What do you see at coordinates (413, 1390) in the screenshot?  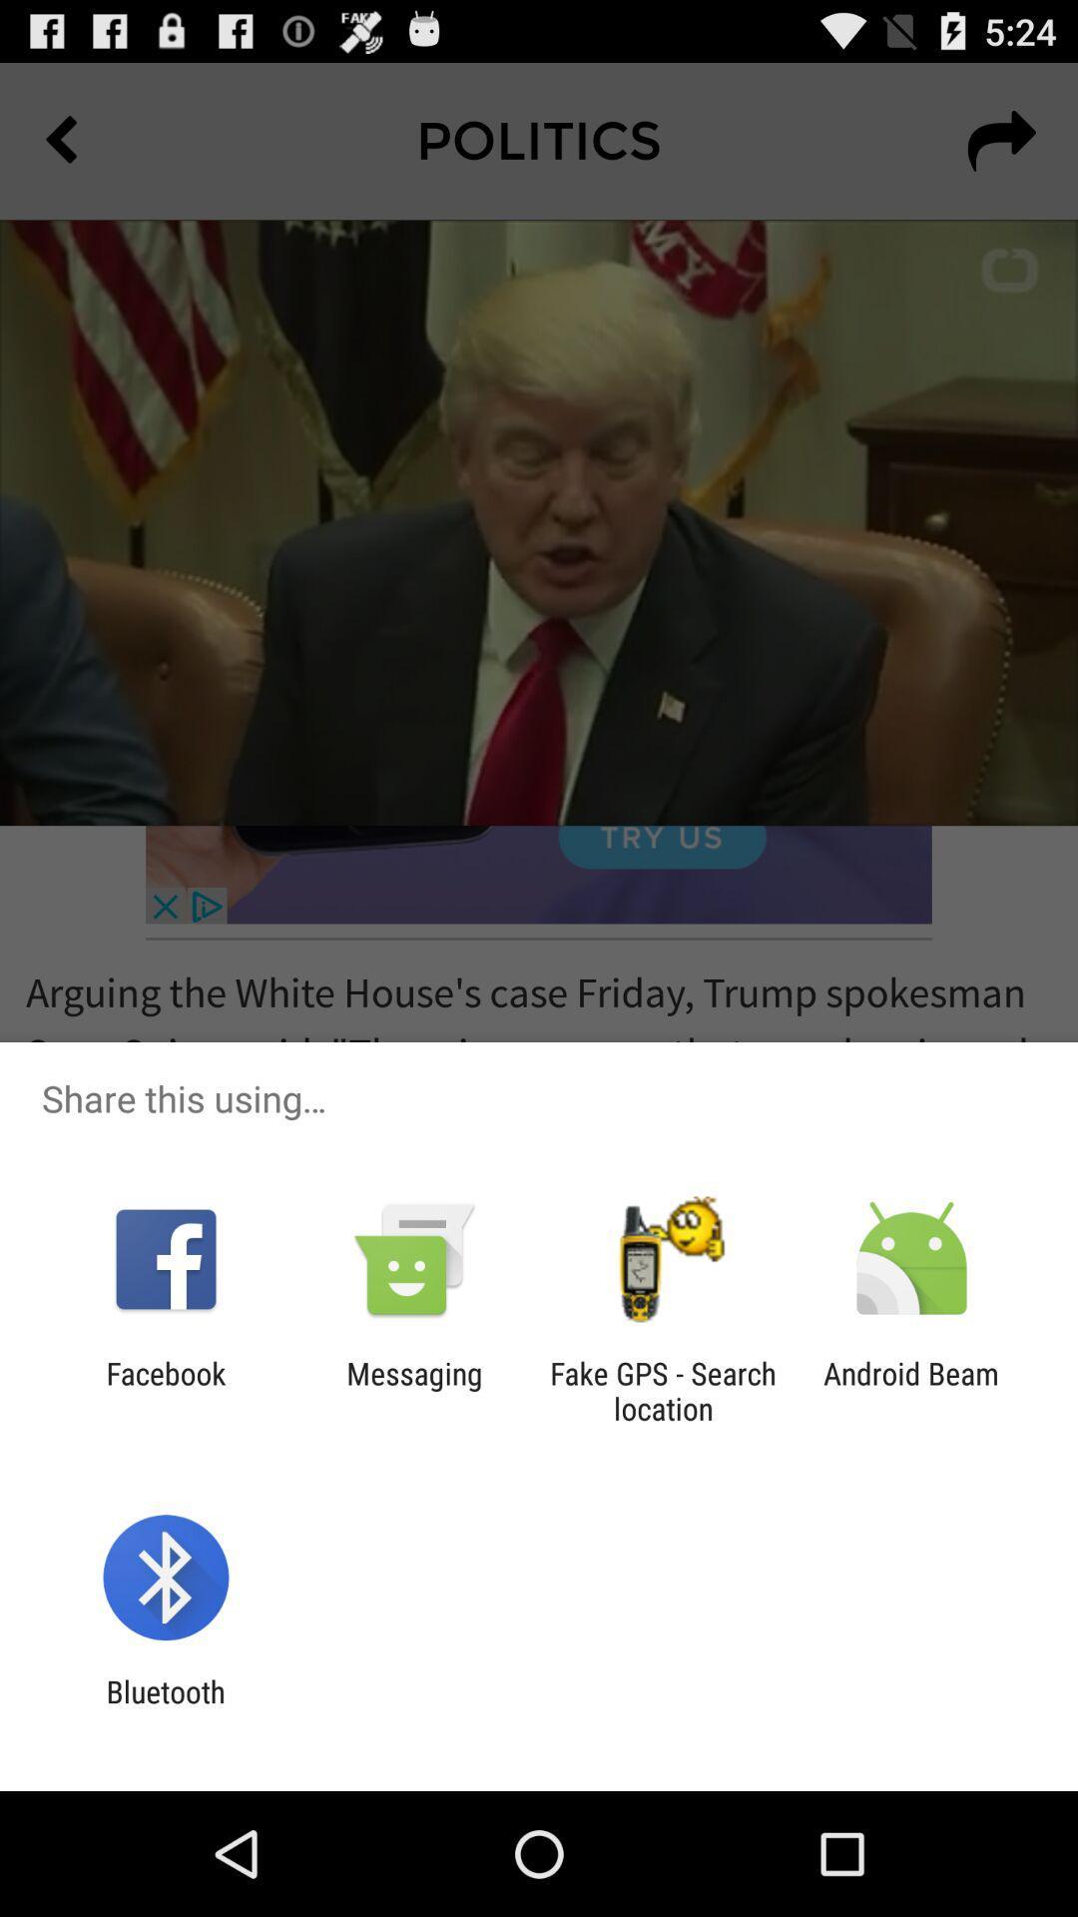 I see `app next to facebook icon` at bounding box center [413, 1390].